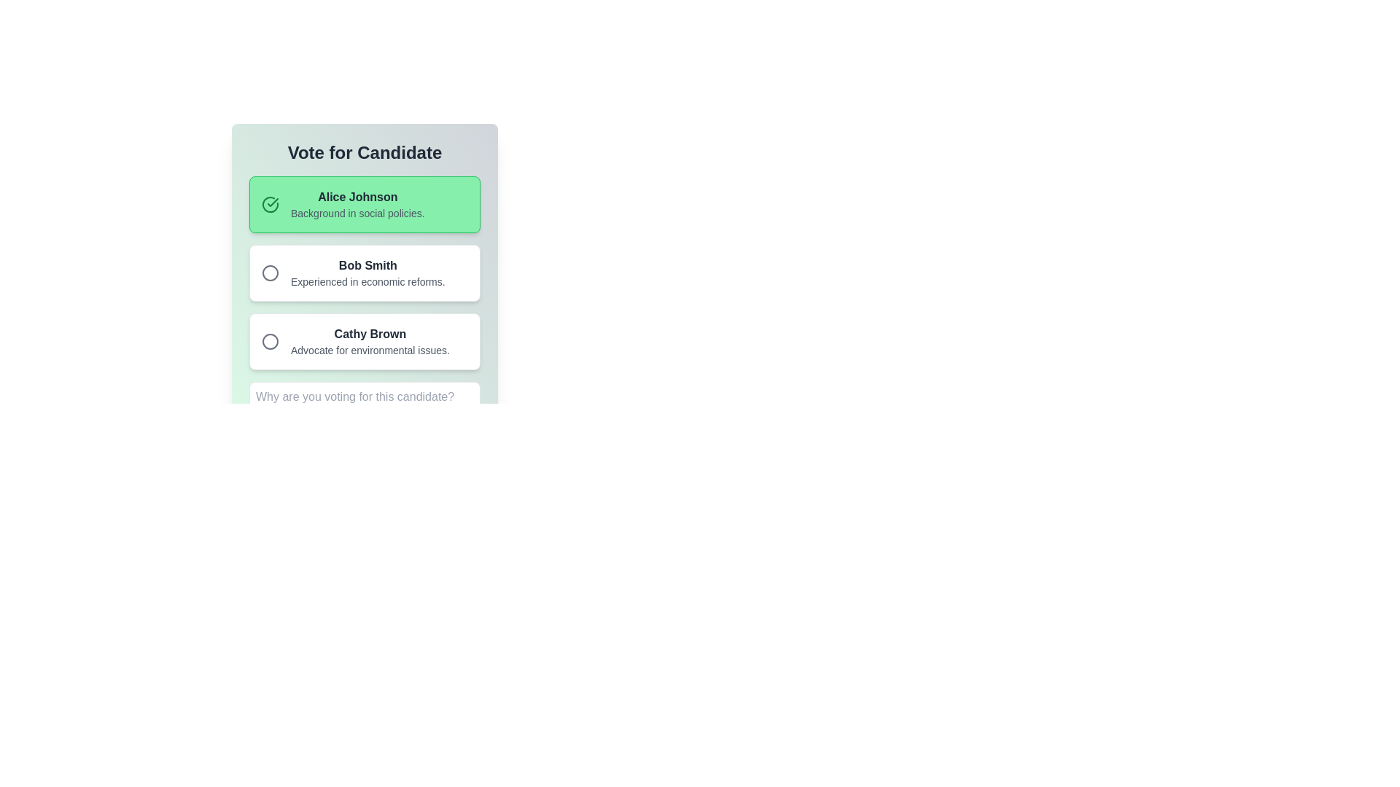 The image size is (1400, 787). I want to click on the text label displaying 'Cathy Brown' in bold font, which is located in the third candidate box from the top, aligned at the top of the box and above the description text, so click(370, 334).